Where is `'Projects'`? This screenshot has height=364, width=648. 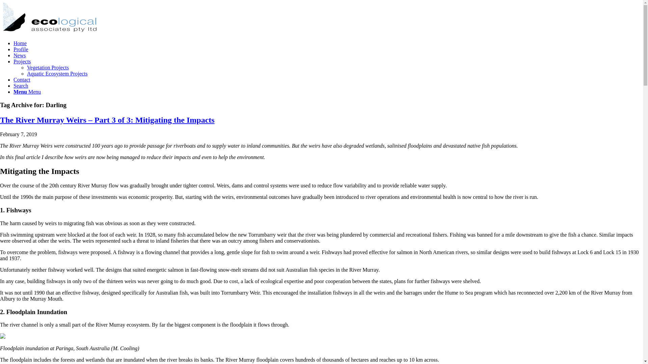 'Projects' is located at coordinates (22, 61).